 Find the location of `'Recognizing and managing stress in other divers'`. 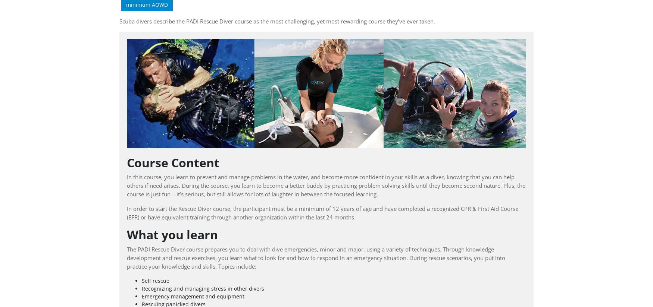

'Recognizing and managing stress in other divers' is located at coordinates (203, 288).